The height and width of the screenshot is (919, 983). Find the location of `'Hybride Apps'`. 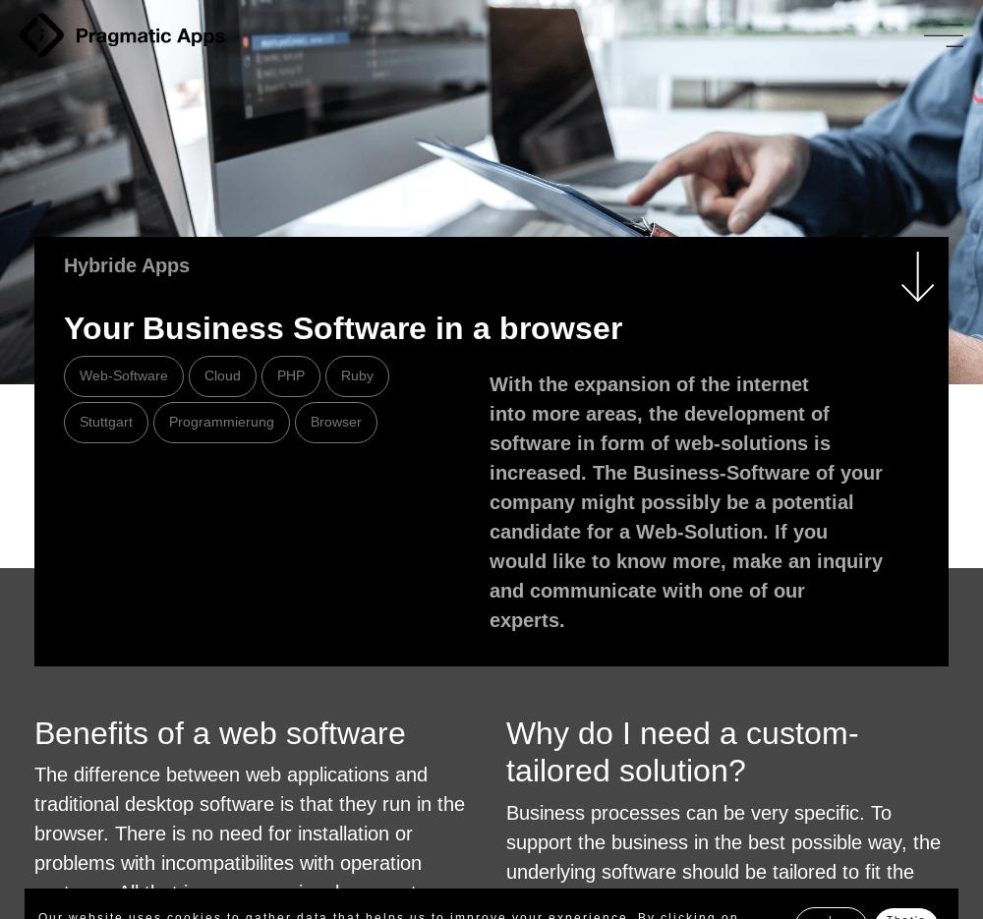

'Hybride Apps' is located at coordinates (127, 263).